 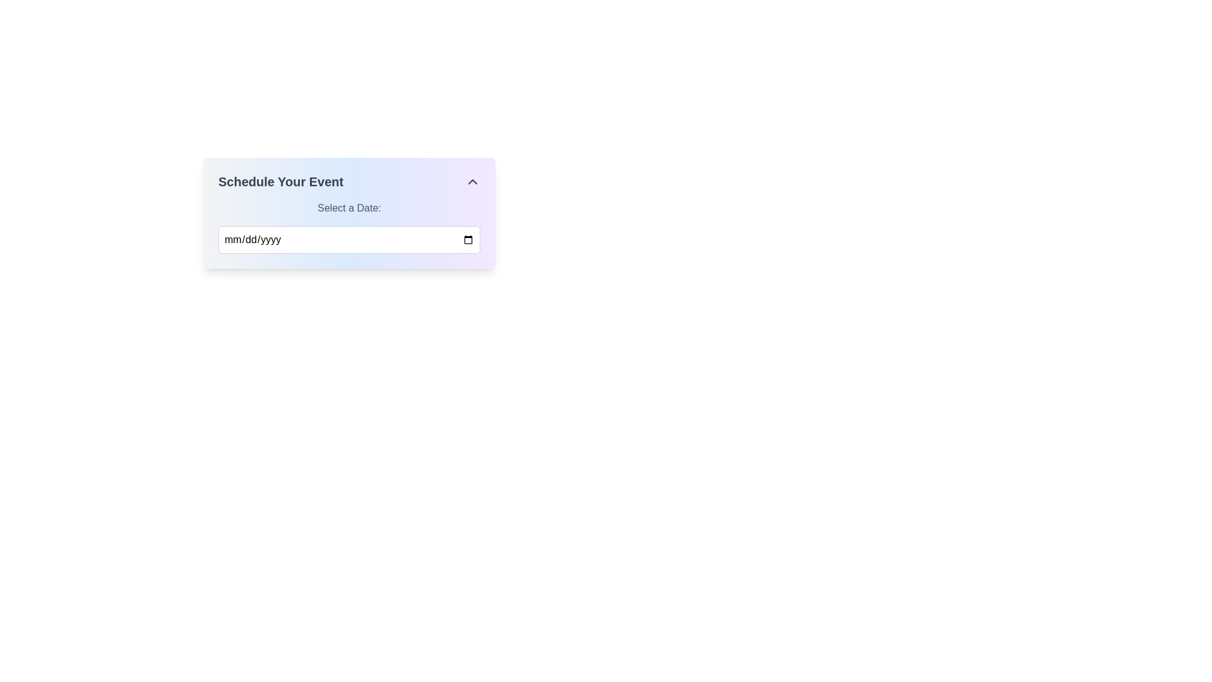 What do you see at coordinates (349, 226) in the screenshot?
I see `the Labeled Date Picker located under the 'Schedule Your Event' header` at bounding box center [349, 226].